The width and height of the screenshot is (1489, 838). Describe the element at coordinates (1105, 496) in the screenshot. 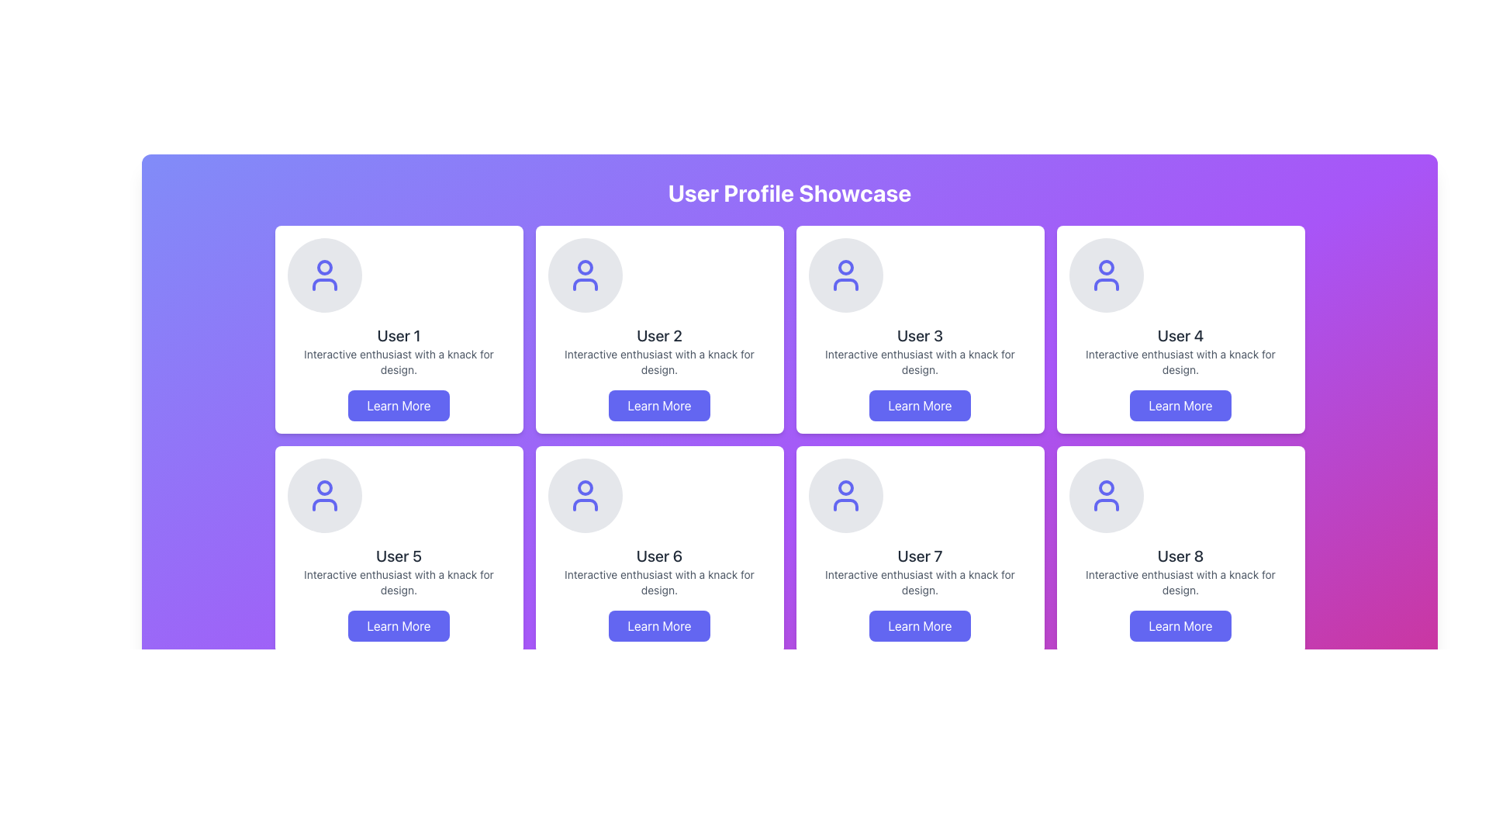

I see `the user profile SVG icon located in the bottom-right card labeled 'User 8', which is centered at the top of the card above the text and button components` at that location.